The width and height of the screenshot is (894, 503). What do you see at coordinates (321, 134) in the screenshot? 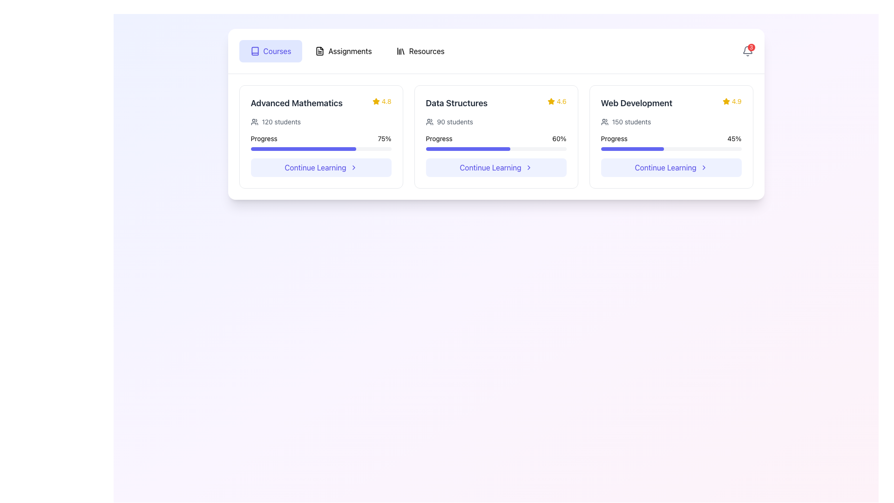
I see `displayed information from the progress bar and numeric display in the 'Advanced Mathematics' course overview, located in the middle section of the card` at bounding box center [321, 134].